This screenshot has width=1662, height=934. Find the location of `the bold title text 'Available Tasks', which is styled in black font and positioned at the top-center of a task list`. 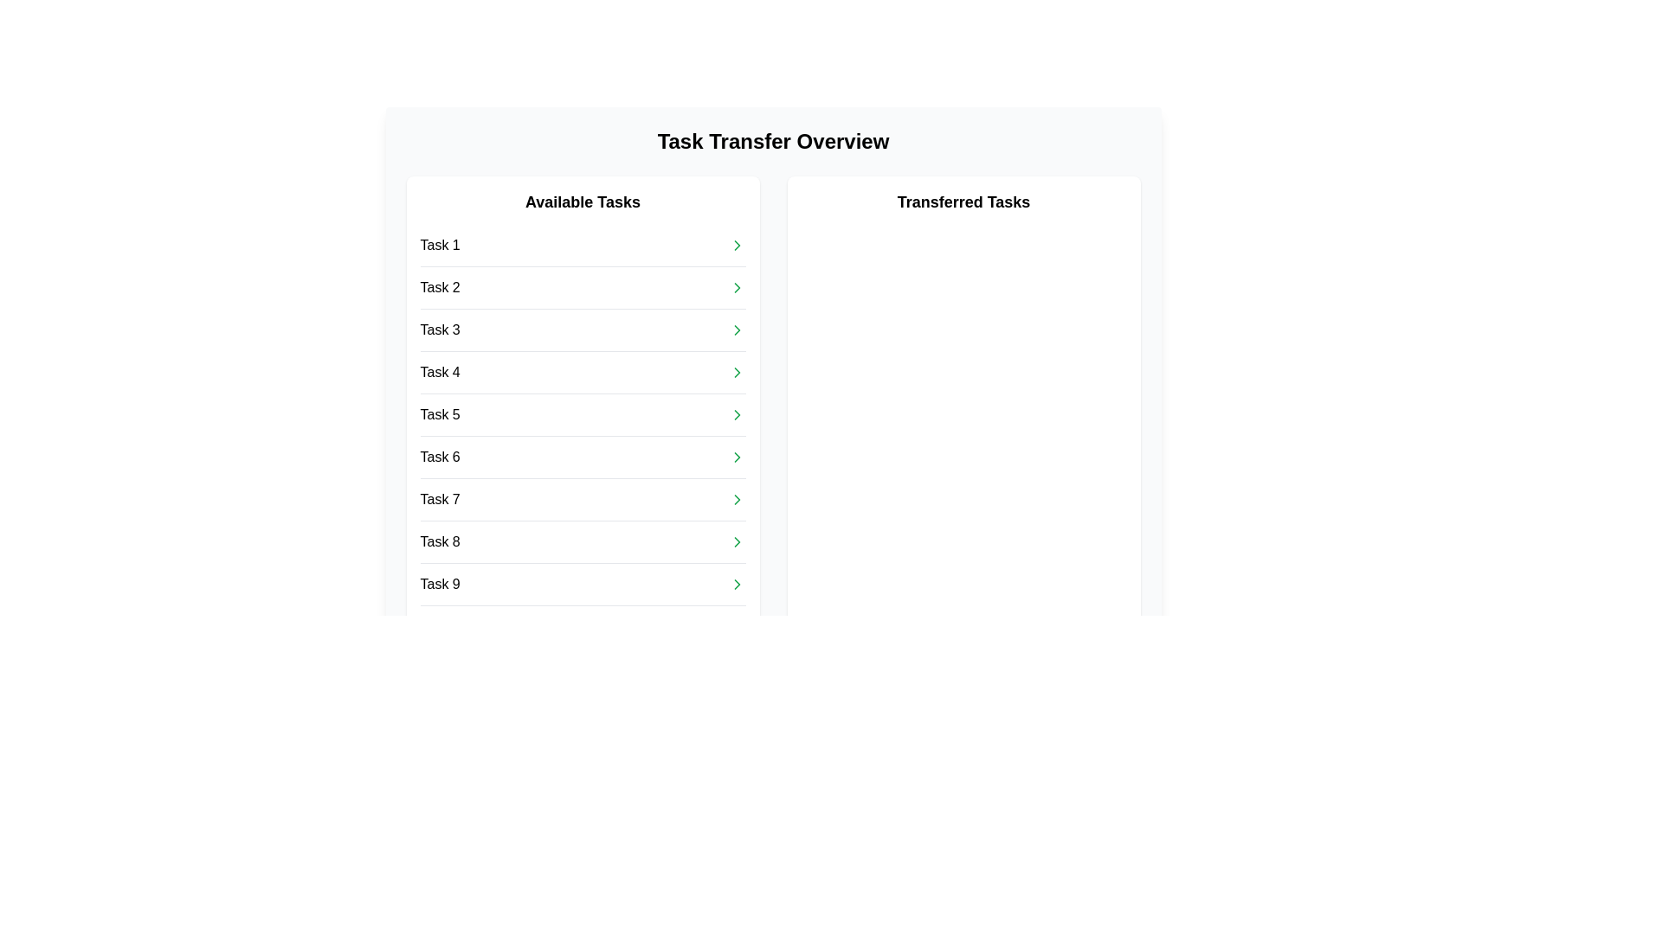

the bold title text 'Available Tasks', which is styled in black font and positioned at the top-center of a task list is located at coordinates (583, 202).